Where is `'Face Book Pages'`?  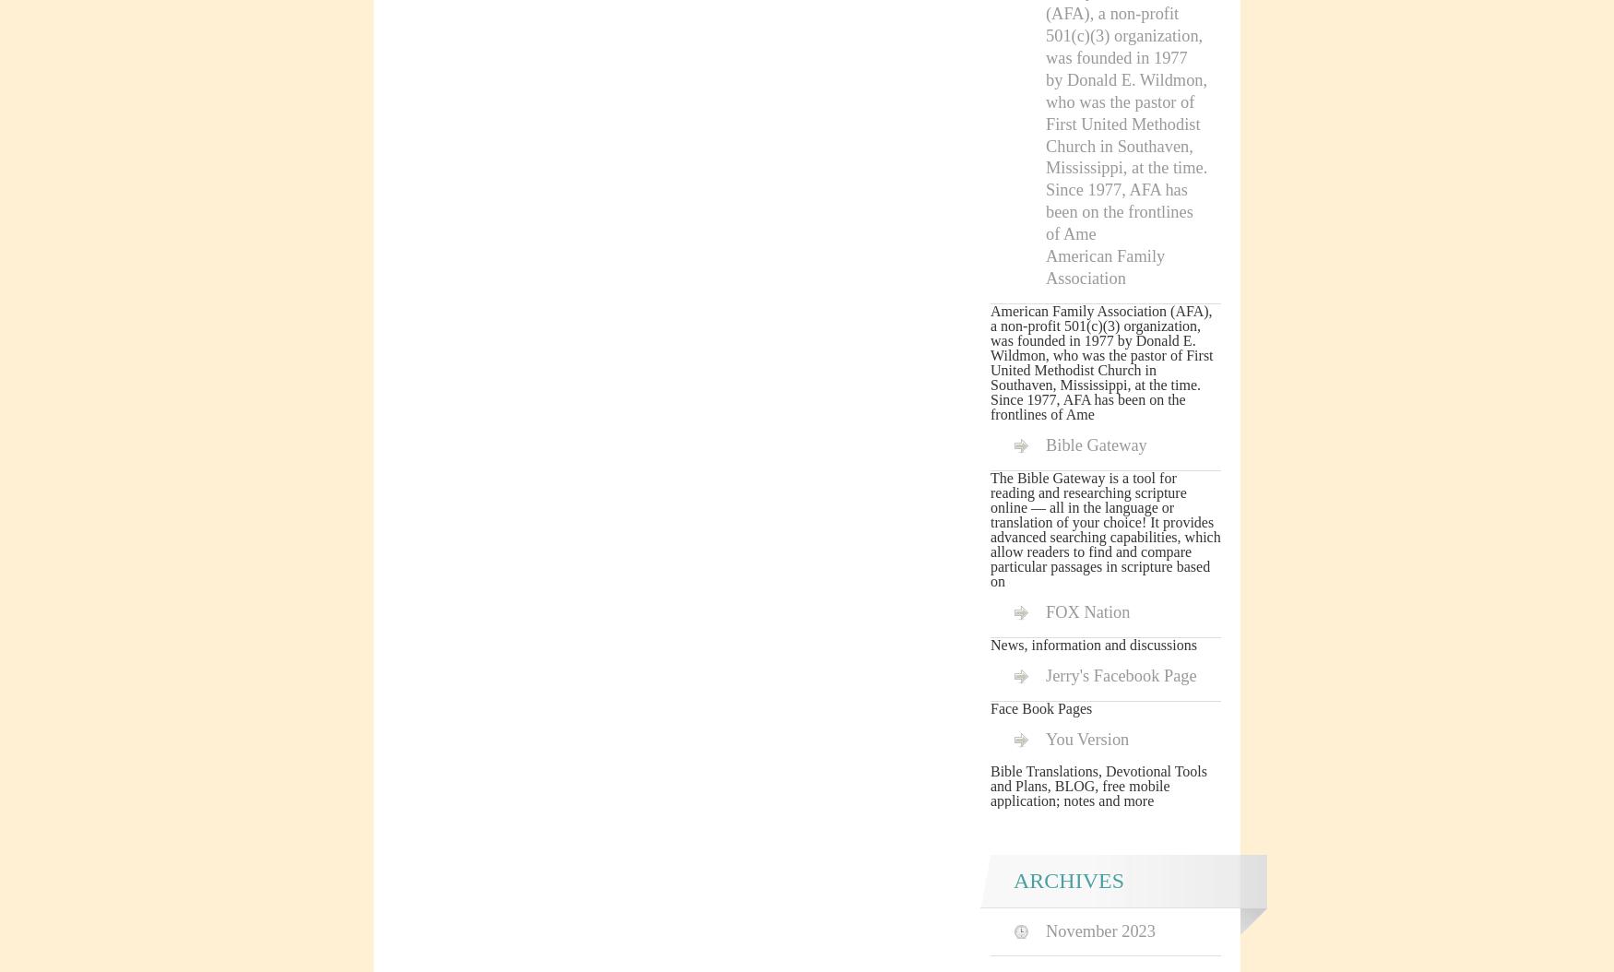 'Face Book Pages' is located at coordinates (990, 707).